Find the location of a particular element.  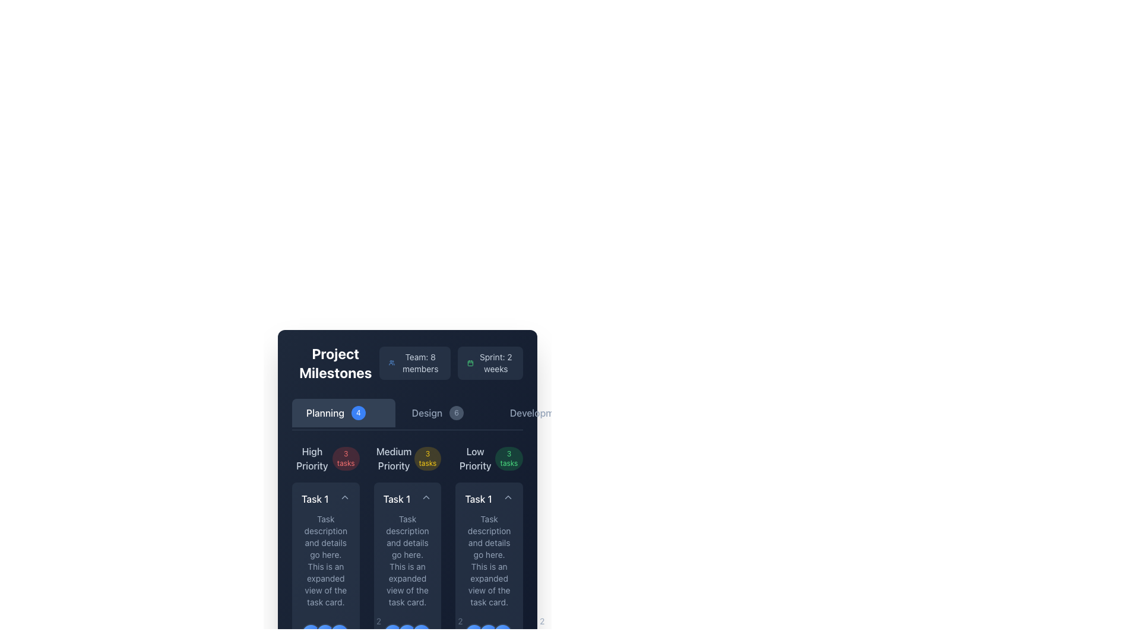

the second module in the horizontal navigation menu is located at coordinates (407, 412).